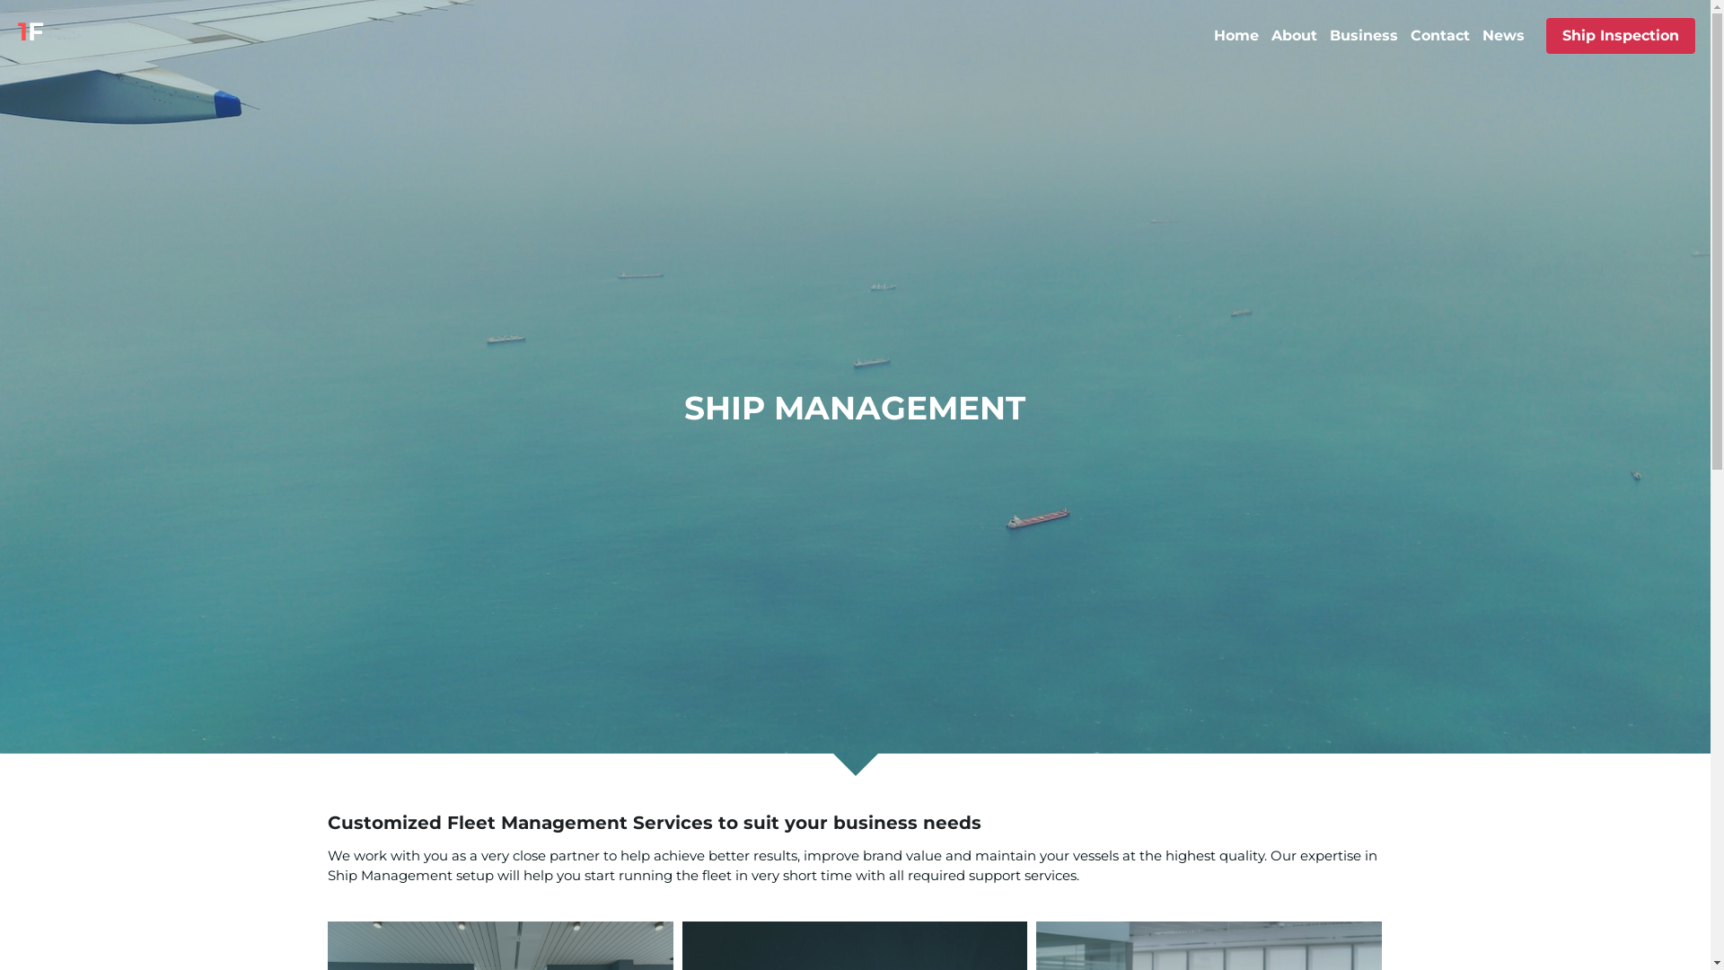 Image resolution: width=1724 pixels, height=970 pixels. Describe the element at coordinates (1294, 35) in the screenshot. I see `'About'` at that location.